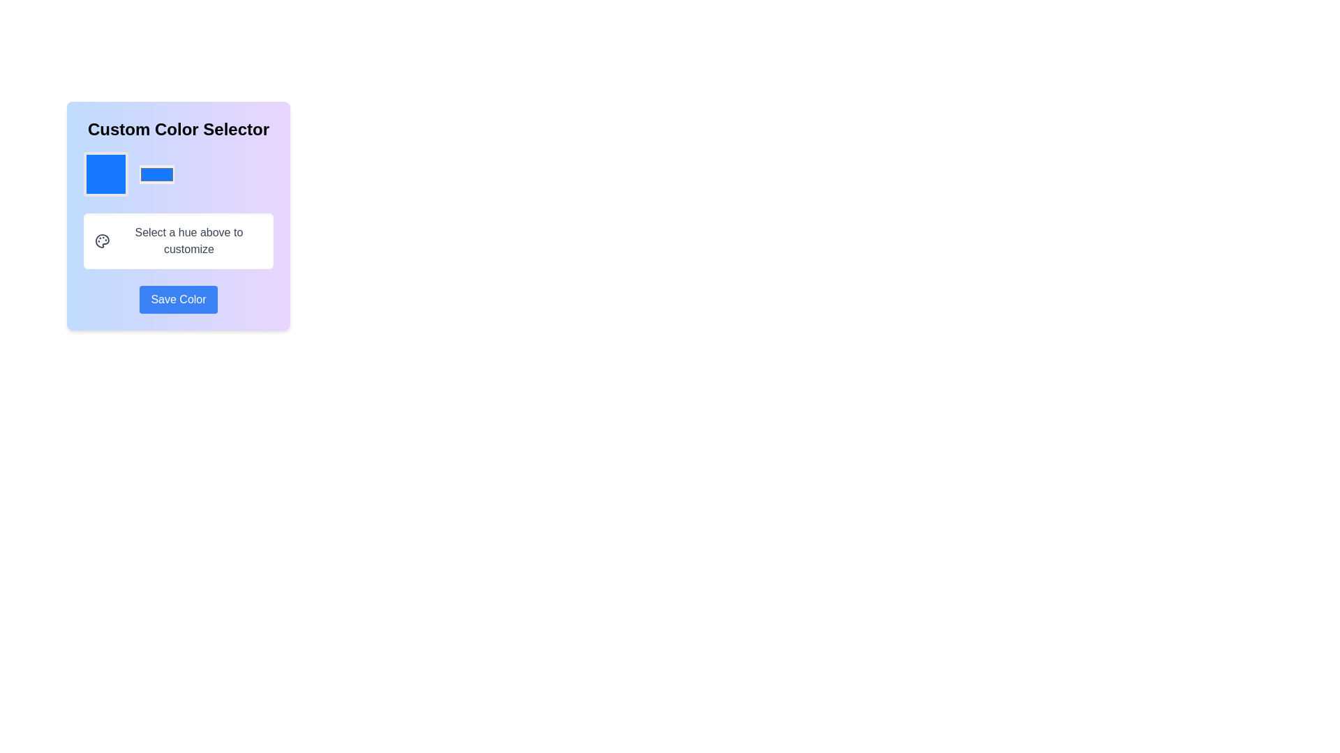  Describe the element at coordinates (101, 241) in the screenshot. I see `the palette icon located in the middle-left section of the card-like panel, which is positioned left of the text 'Select a hue above to customize'` at that location.